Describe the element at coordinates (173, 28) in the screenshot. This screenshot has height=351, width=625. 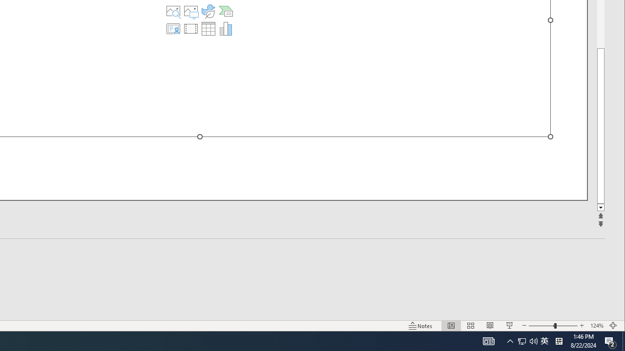
I see `'Insert Cameo'` at that location.